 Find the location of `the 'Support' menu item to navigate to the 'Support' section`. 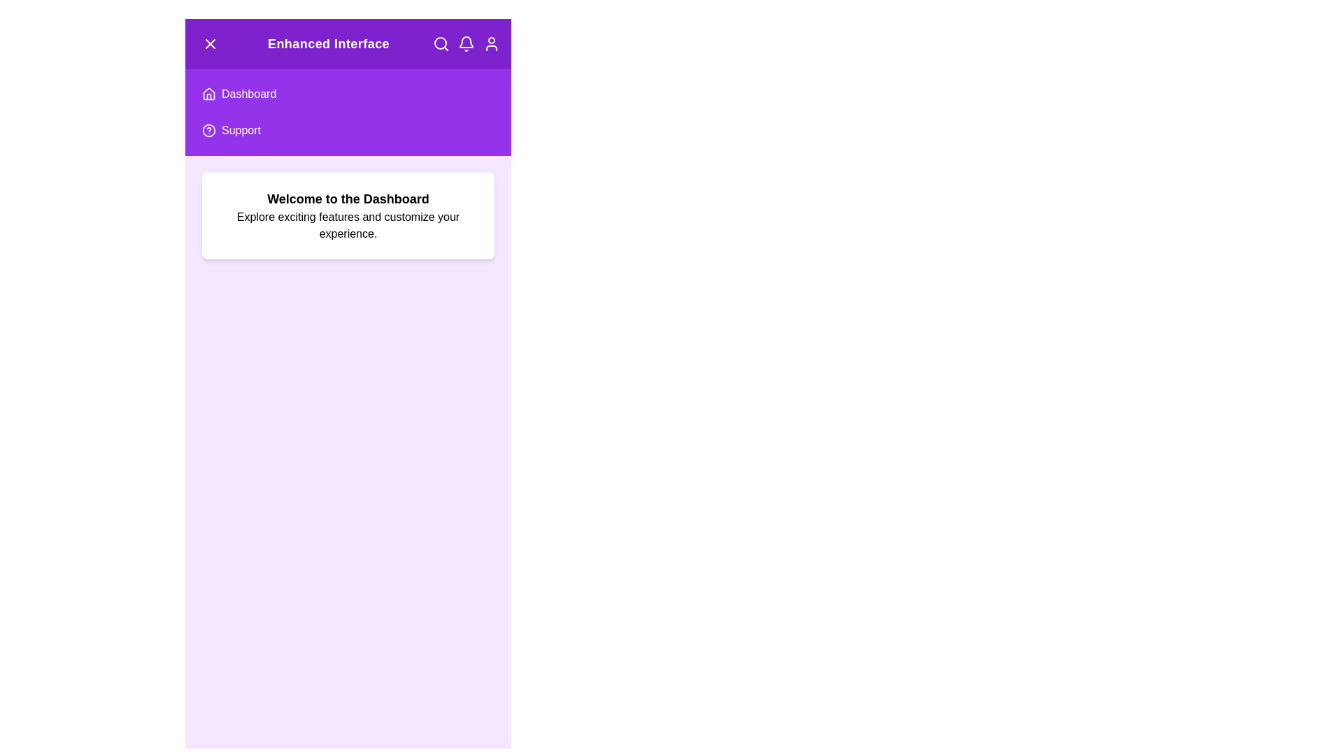

the 'Support' menu item to navigate to the 'Support' section is located at coordinates (348, 130).